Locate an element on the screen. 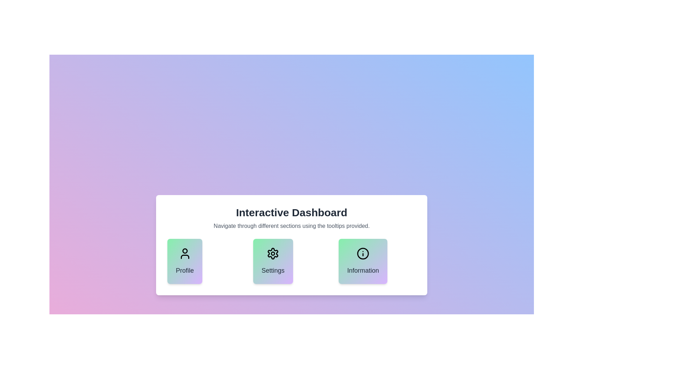 The width and height of the screenshot is (678, 381). the gradient-filled button labeled 'Information' with a circular outline and 'i' icon is located at coordinates (363, 261).